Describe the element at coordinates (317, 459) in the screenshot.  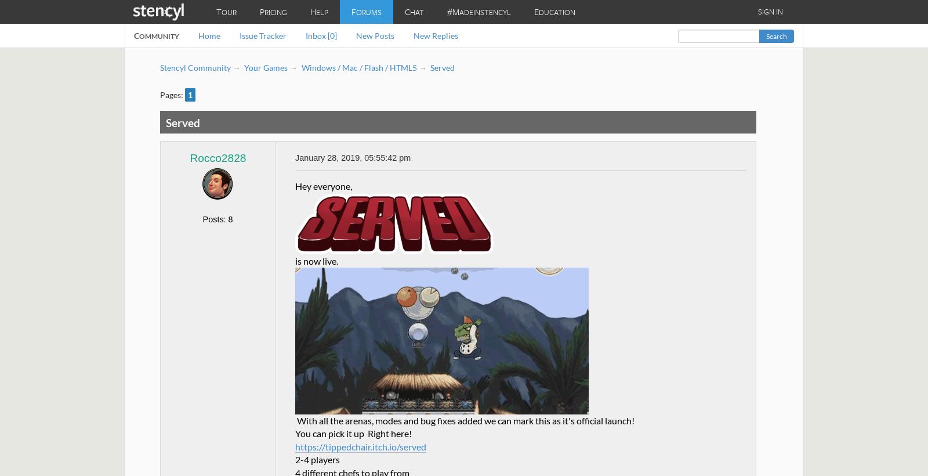
I see `'2-4 players'` at that location.